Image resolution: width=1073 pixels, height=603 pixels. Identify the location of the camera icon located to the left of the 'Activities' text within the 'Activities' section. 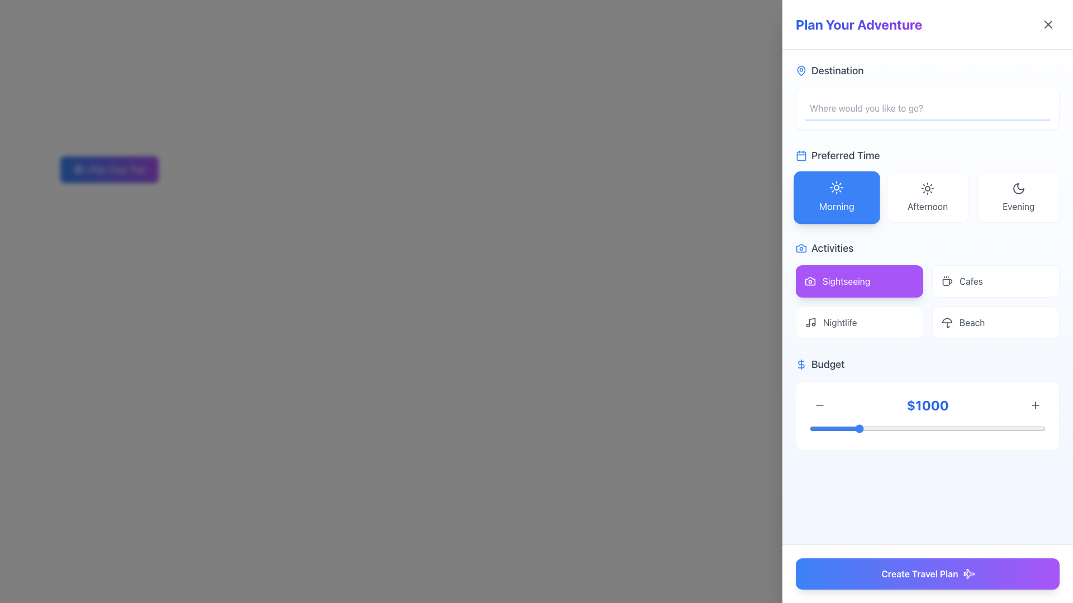
(801, 247).